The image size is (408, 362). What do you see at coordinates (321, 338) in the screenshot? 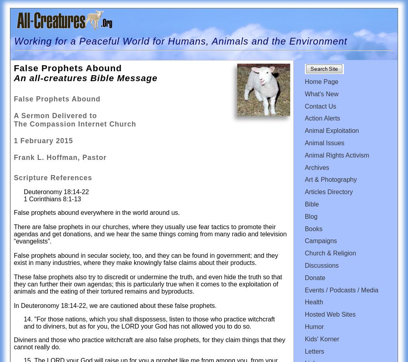
I see `'Kids' Korner'` at bounding box center [321, 338].